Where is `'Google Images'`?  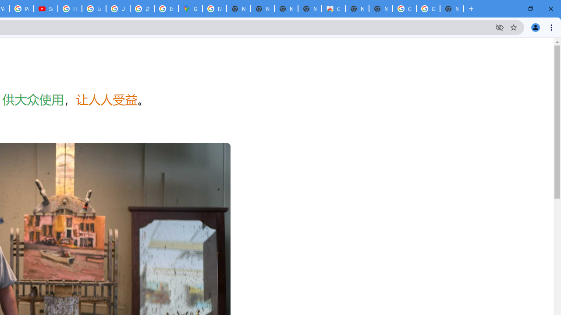
'Google Images' is located at coordinates (428, 9).